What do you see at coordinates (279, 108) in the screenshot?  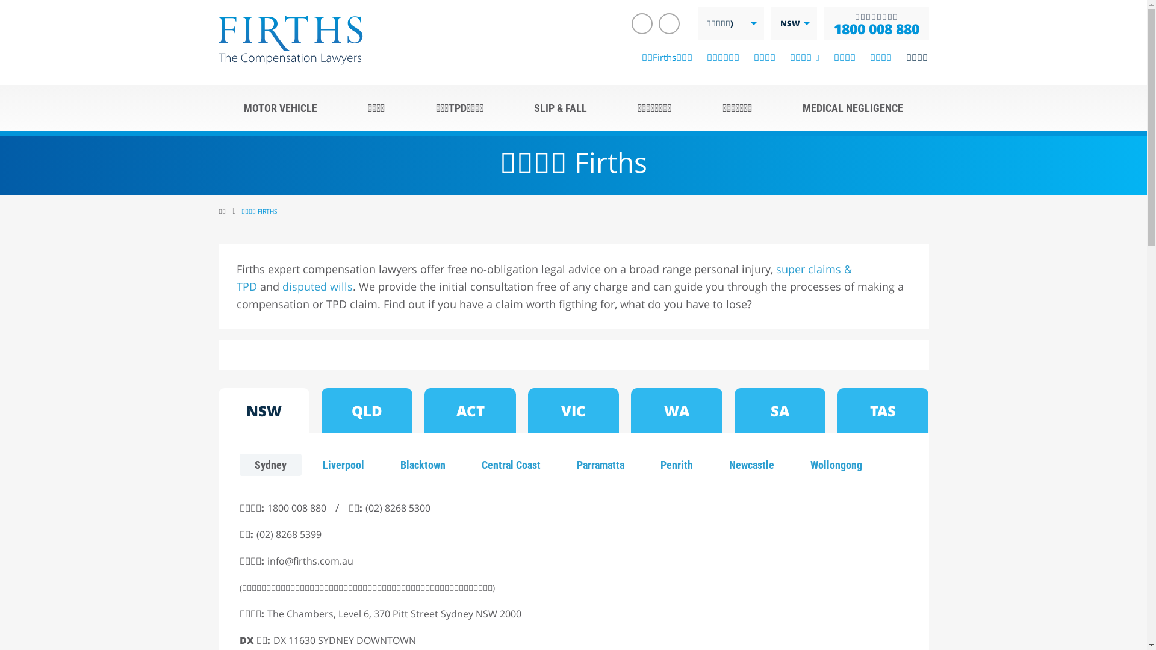 I see `'MOTOR VEHICLE'` at bounding box center [279, 108].